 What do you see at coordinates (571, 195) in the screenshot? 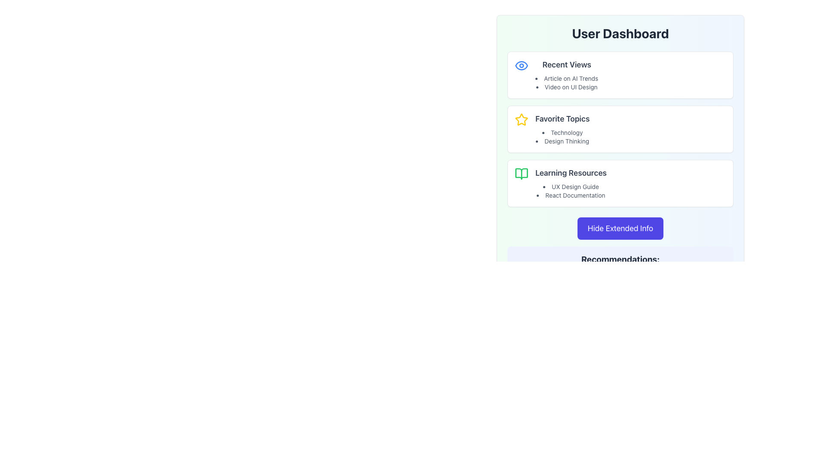
I see `the text label 'React Documentation', which is the second item in the bullet list under 'Learning Resources', positioned below 'UX Design Guide'` at bounding box center [571, 195].